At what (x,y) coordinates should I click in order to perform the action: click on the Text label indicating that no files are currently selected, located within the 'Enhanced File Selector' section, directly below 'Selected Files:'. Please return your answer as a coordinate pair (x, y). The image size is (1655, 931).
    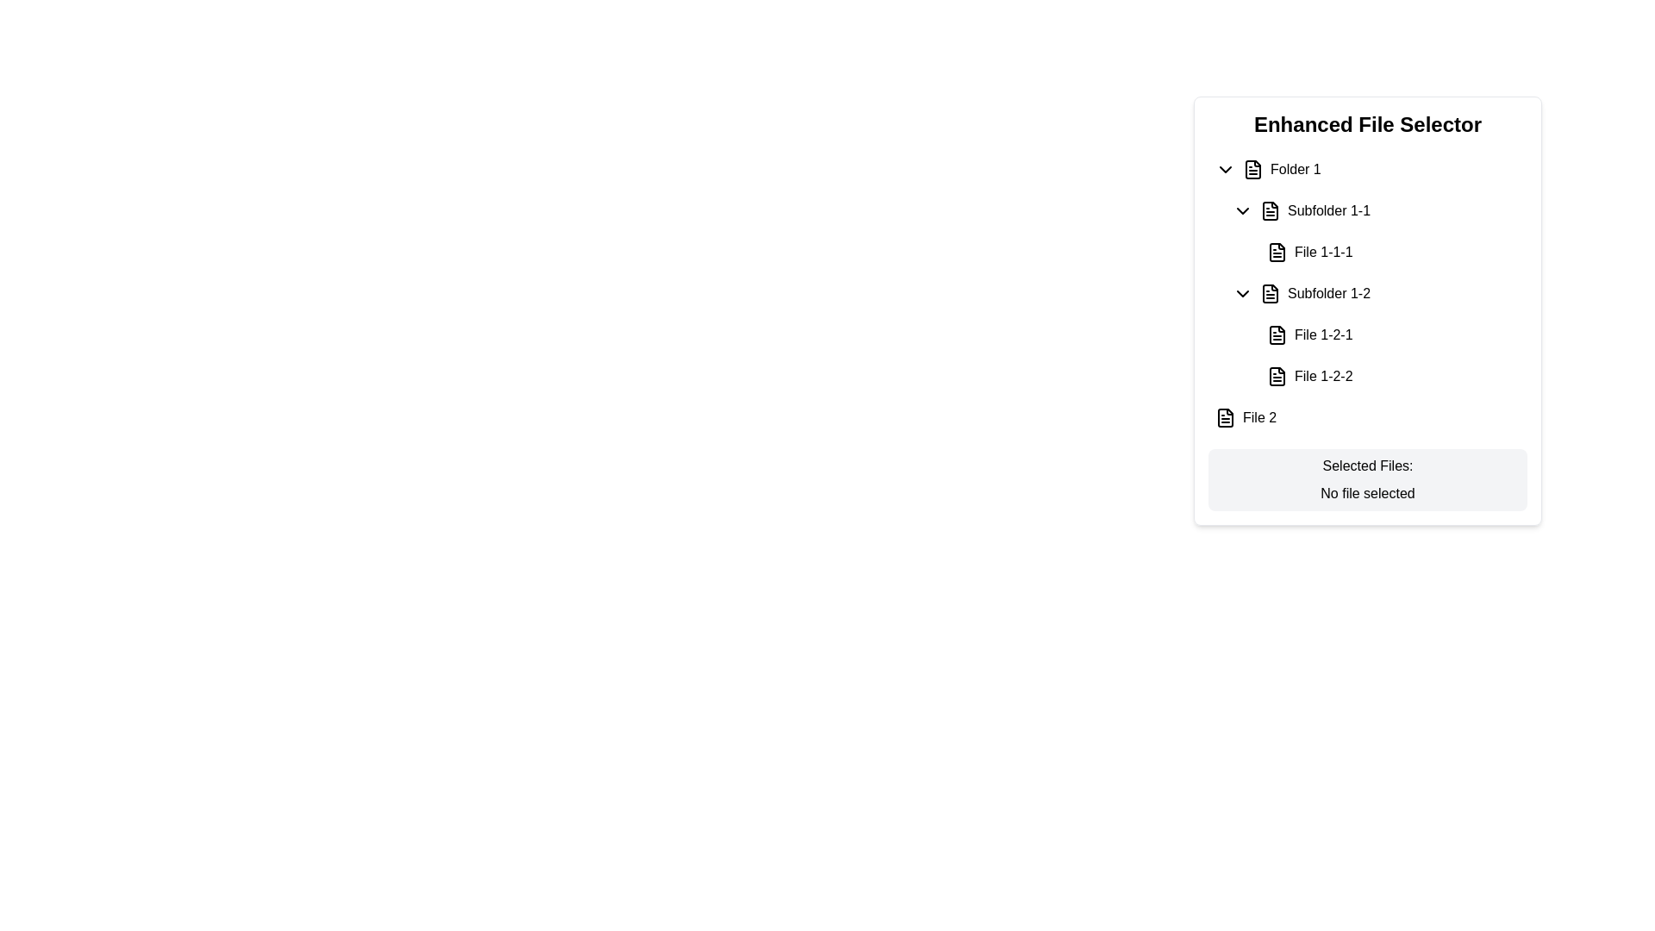
    Looking at the image, I should click on (1367, 494).